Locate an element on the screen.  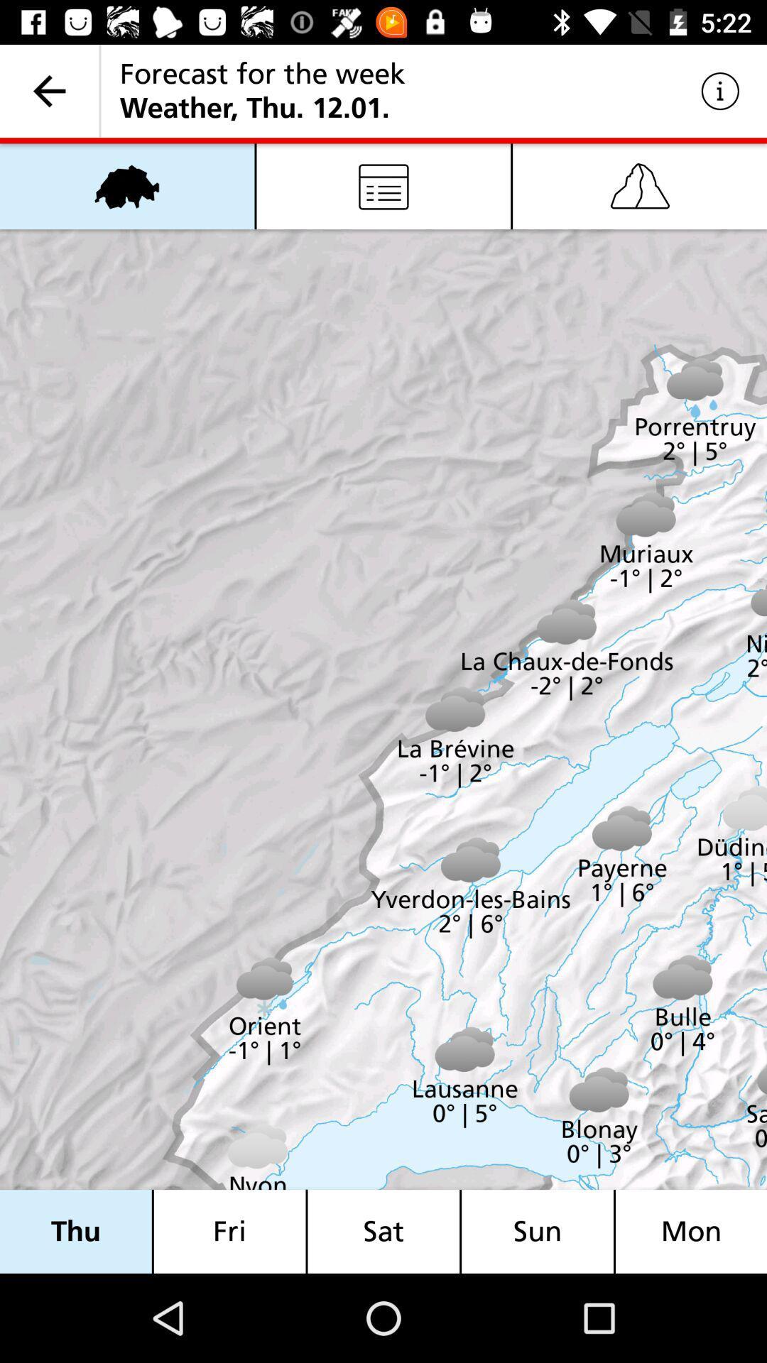
the sun icon is located at coordinates (538, 1231).